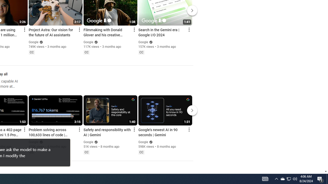  Describe the element at coordinates (141, 152) in the screenshot. I see `'Closed captions'` at that location.